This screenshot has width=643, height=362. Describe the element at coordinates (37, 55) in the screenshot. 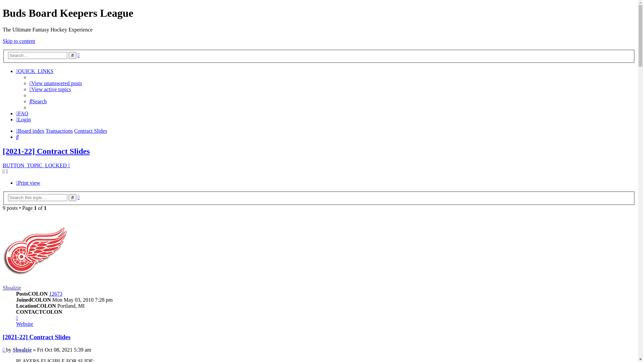

I see `'Search for keywords'` at that location.